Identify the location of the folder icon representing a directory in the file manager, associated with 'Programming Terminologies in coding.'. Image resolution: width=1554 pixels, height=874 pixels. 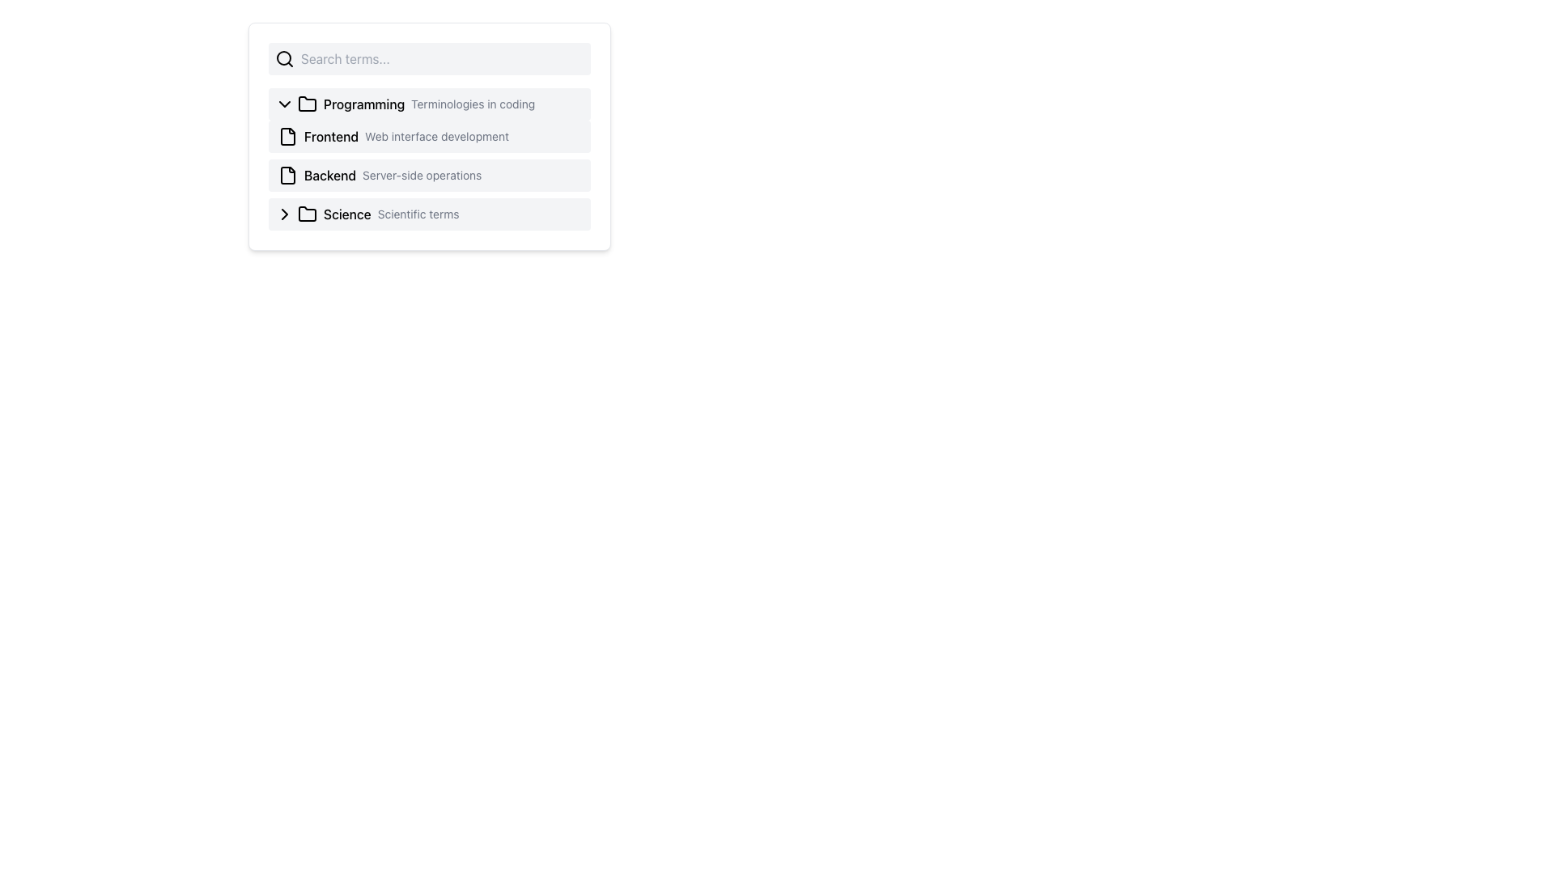
(307, 104).